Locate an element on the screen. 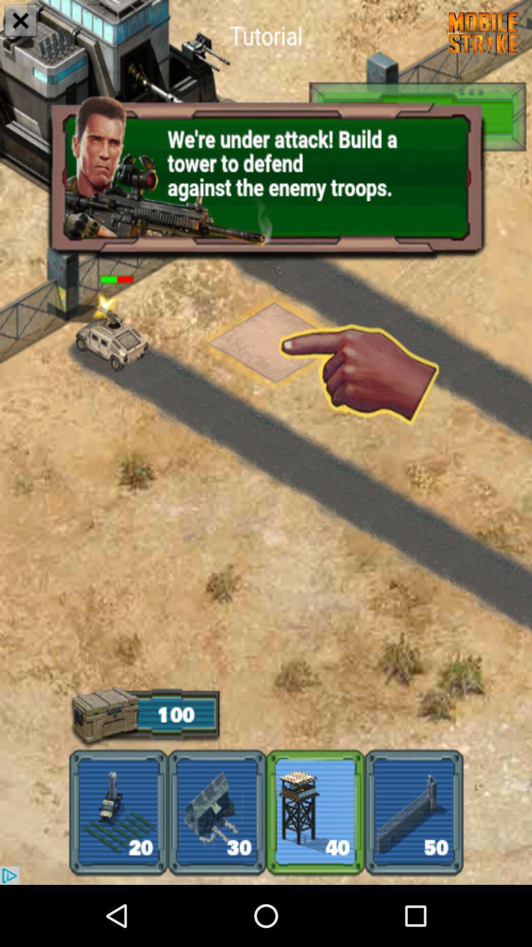 Image resolution: width=532 pixels, height=947 pixels. the close icon is located at coordinates (21, 22).